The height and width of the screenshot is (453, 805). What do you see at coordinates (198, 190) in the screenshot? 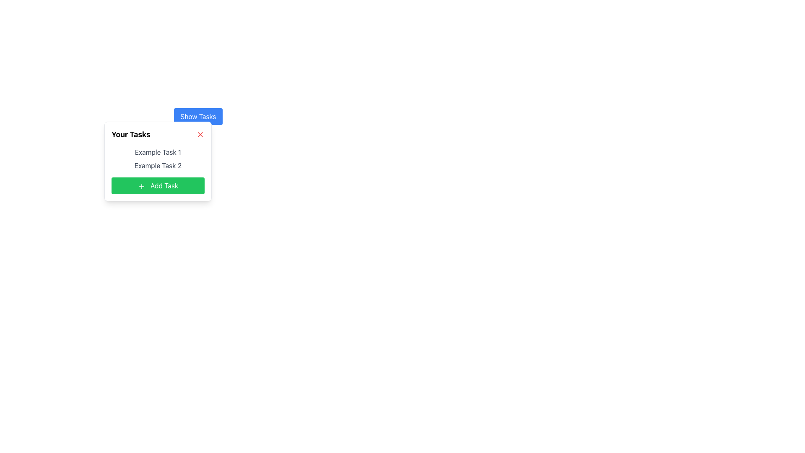
I see `the 'Your Tasks' panel` at bounding box center [198, 190].